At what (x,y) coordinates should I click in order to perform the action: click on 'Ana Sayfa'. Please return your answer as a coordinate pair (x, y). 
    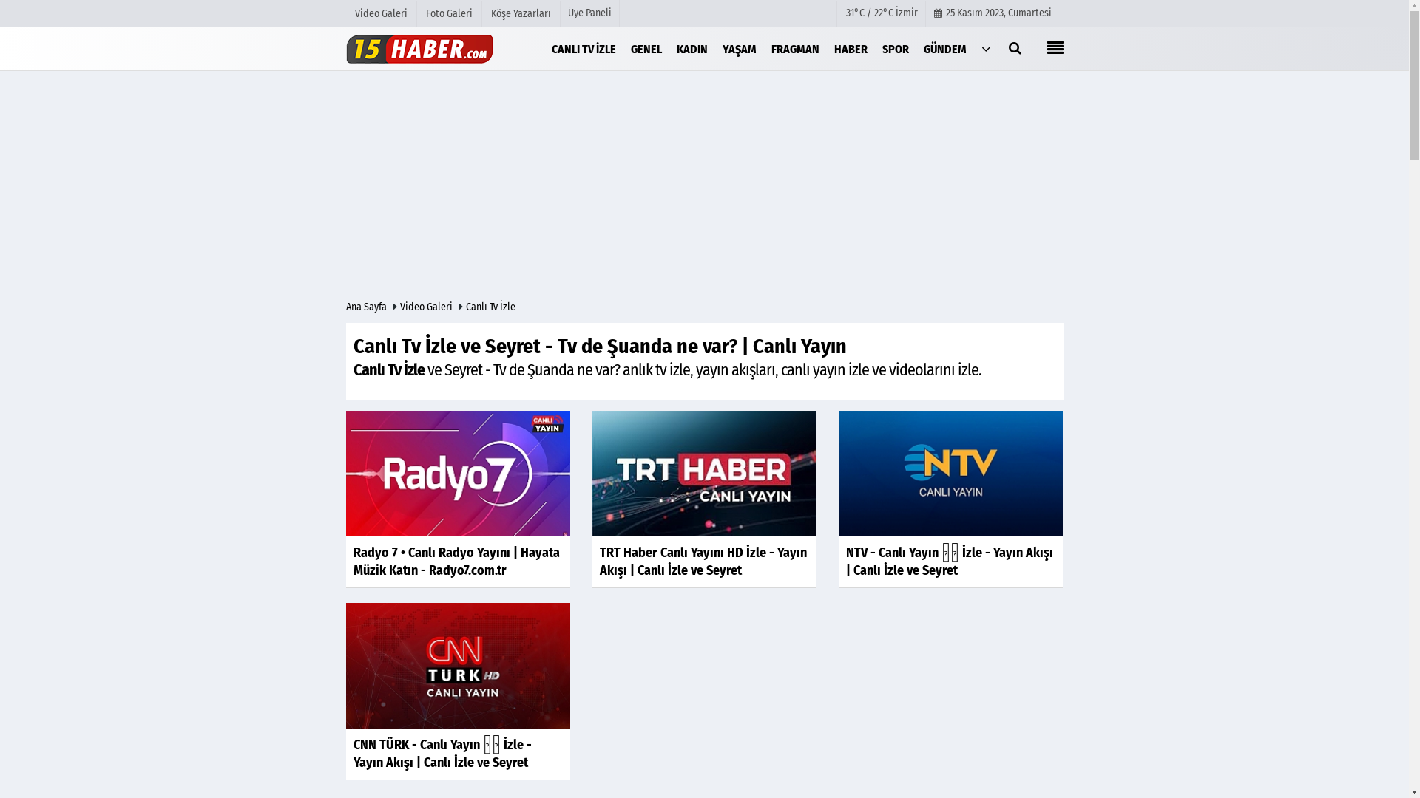
    Looking at the image, I should click on (368, 306).